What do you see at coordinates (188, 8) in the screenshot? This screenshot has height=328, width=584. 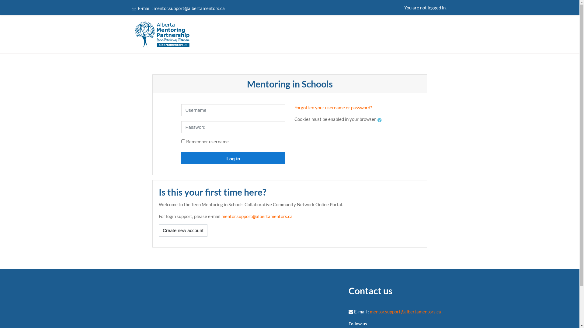 I see `'mentor.support@albertamentors.ca'` at bounding box center [188, 8].